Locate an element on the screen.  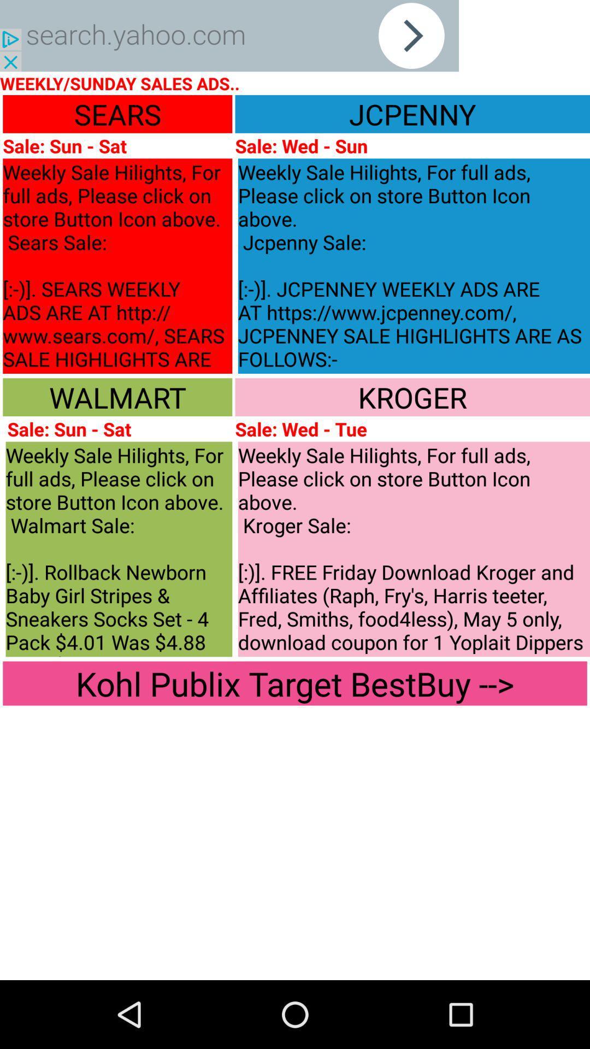
it is searching key is located at coordinates (229, 36).